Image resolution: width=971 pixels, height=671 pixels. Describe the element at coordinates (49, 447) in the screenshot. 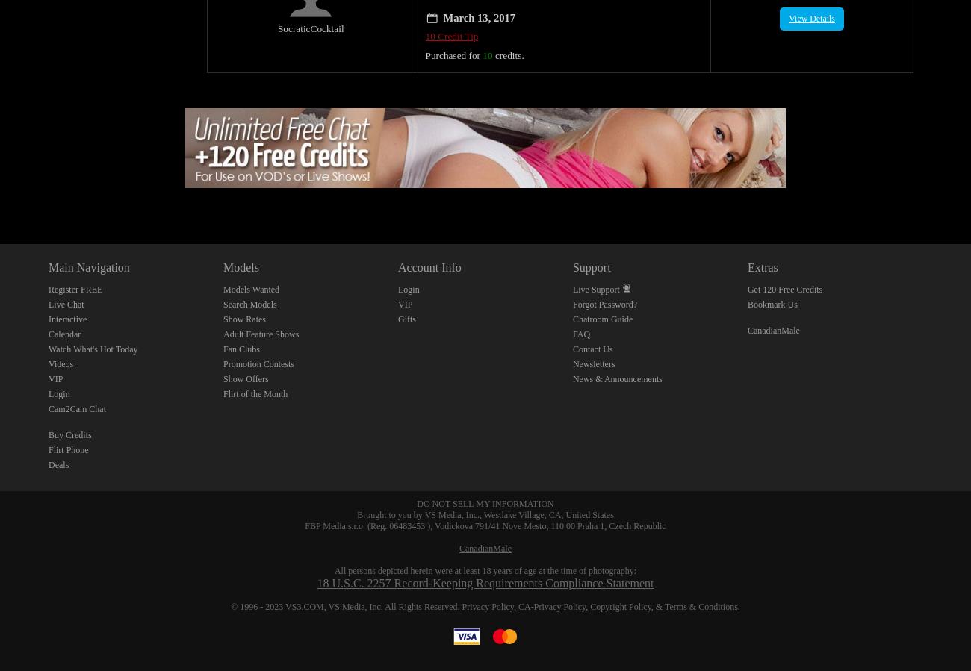

I see `'Deals'` at that location.